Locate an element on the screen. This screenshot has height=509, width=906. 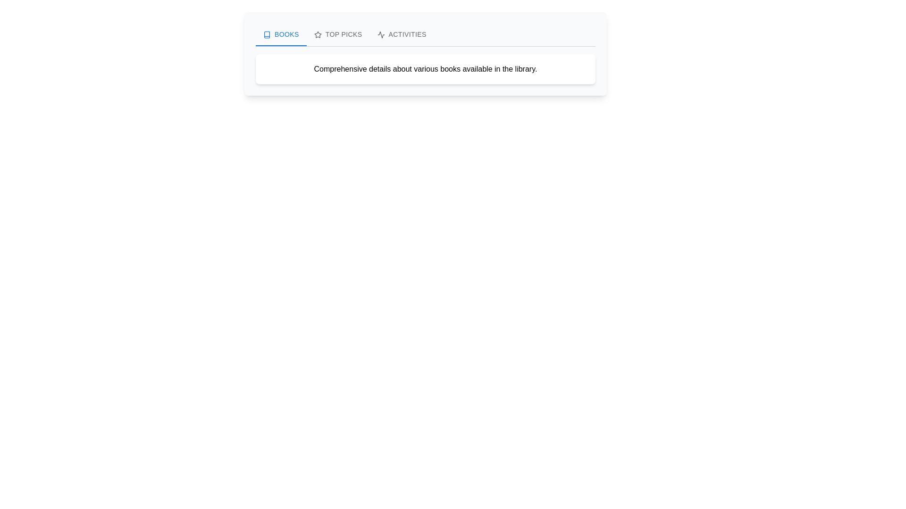
the 'Activities' text label with the attached wave or heartbeat icon located in the middle-right portion of the navigation bar is located at coordinates (402, 34).